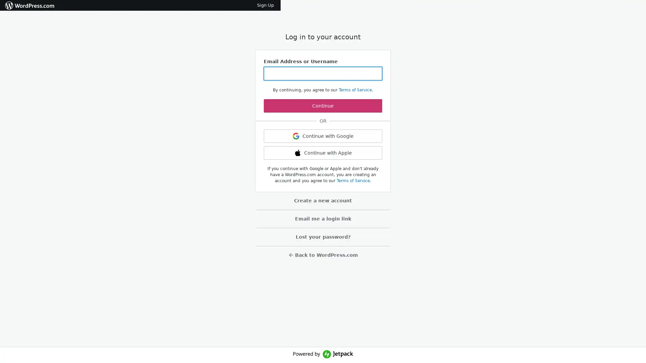 The width and height of the screenshot is (646, 363). What do you see at coordinates (323, 153) in the screenshot?
I see `Continue with Apple` at bounding box center [323, 153].